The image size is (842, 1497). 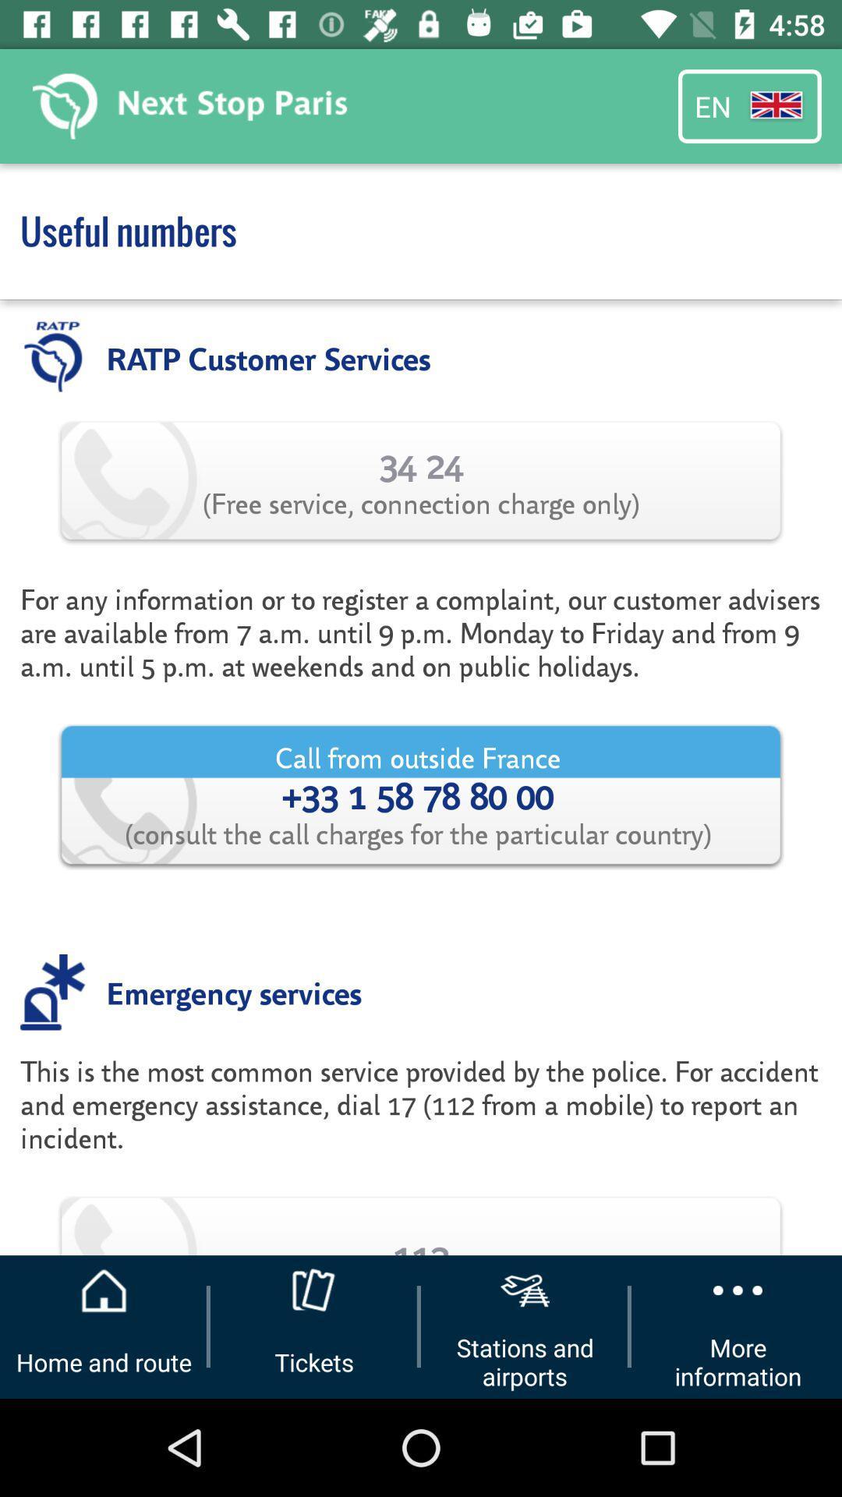 What do you see at coordinates (421, 480) in the screenshot?
I see `the 34 24 free app` at bounding box center [421, 480].